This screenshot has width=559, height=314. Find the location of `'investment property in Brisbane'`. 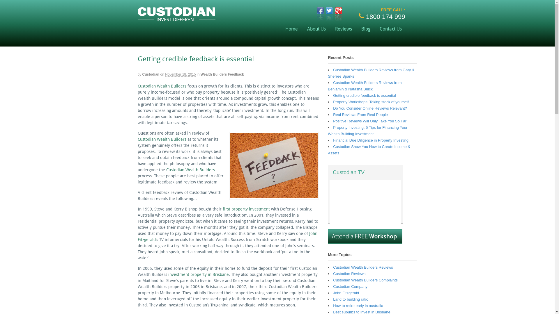

'investment property in Brisbane' is located at coordinates (198, 274).